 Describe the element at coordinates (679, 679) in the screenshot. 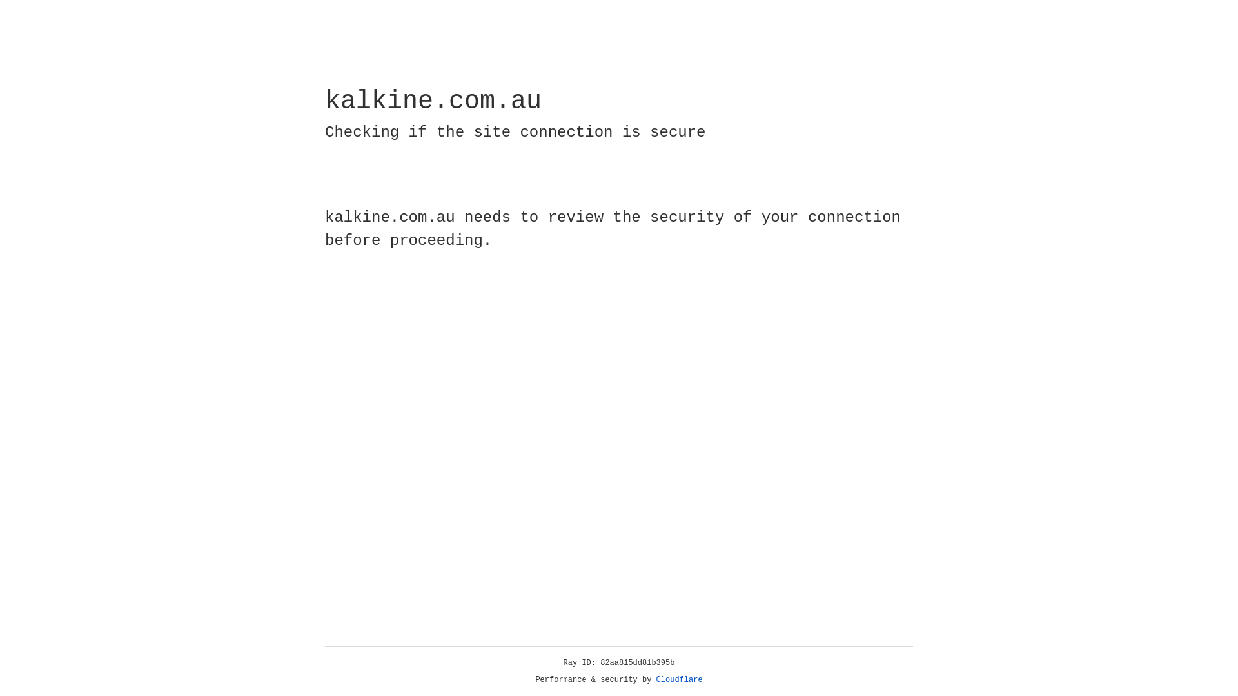

I see `'Cloudflare'` at that location.